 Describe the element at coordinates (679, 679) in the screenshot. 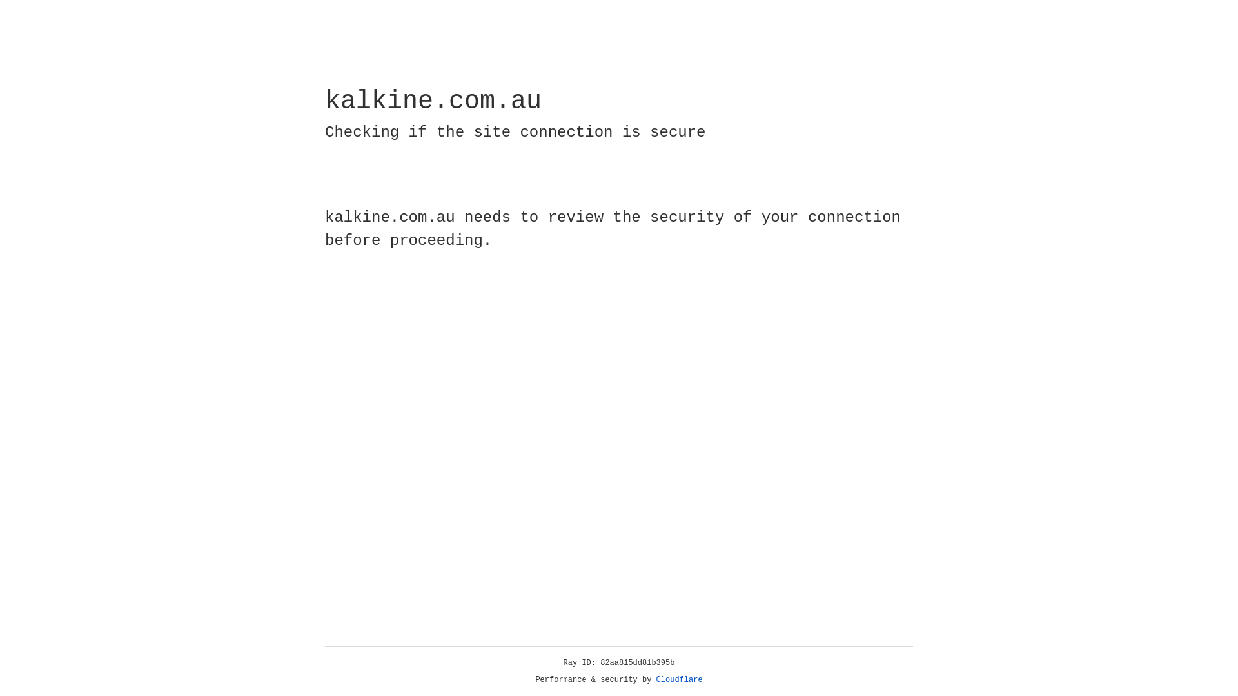

I see `'Cloudflare'` at that location.